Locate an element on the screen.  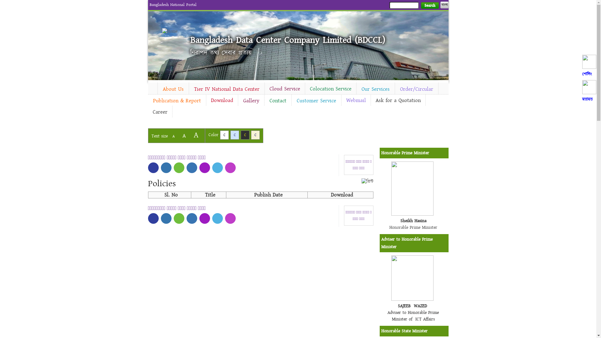
'A' is located at coordinates (190, 135).